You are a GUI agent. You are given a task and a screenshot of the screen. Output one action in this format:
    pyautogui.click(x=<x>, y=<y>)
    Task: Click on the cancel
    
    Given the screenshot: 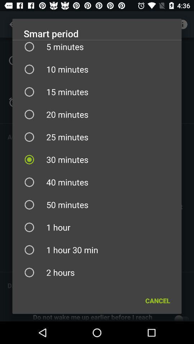 What is the action you would take?
    pyautogui.click(x=157, y=301)
    